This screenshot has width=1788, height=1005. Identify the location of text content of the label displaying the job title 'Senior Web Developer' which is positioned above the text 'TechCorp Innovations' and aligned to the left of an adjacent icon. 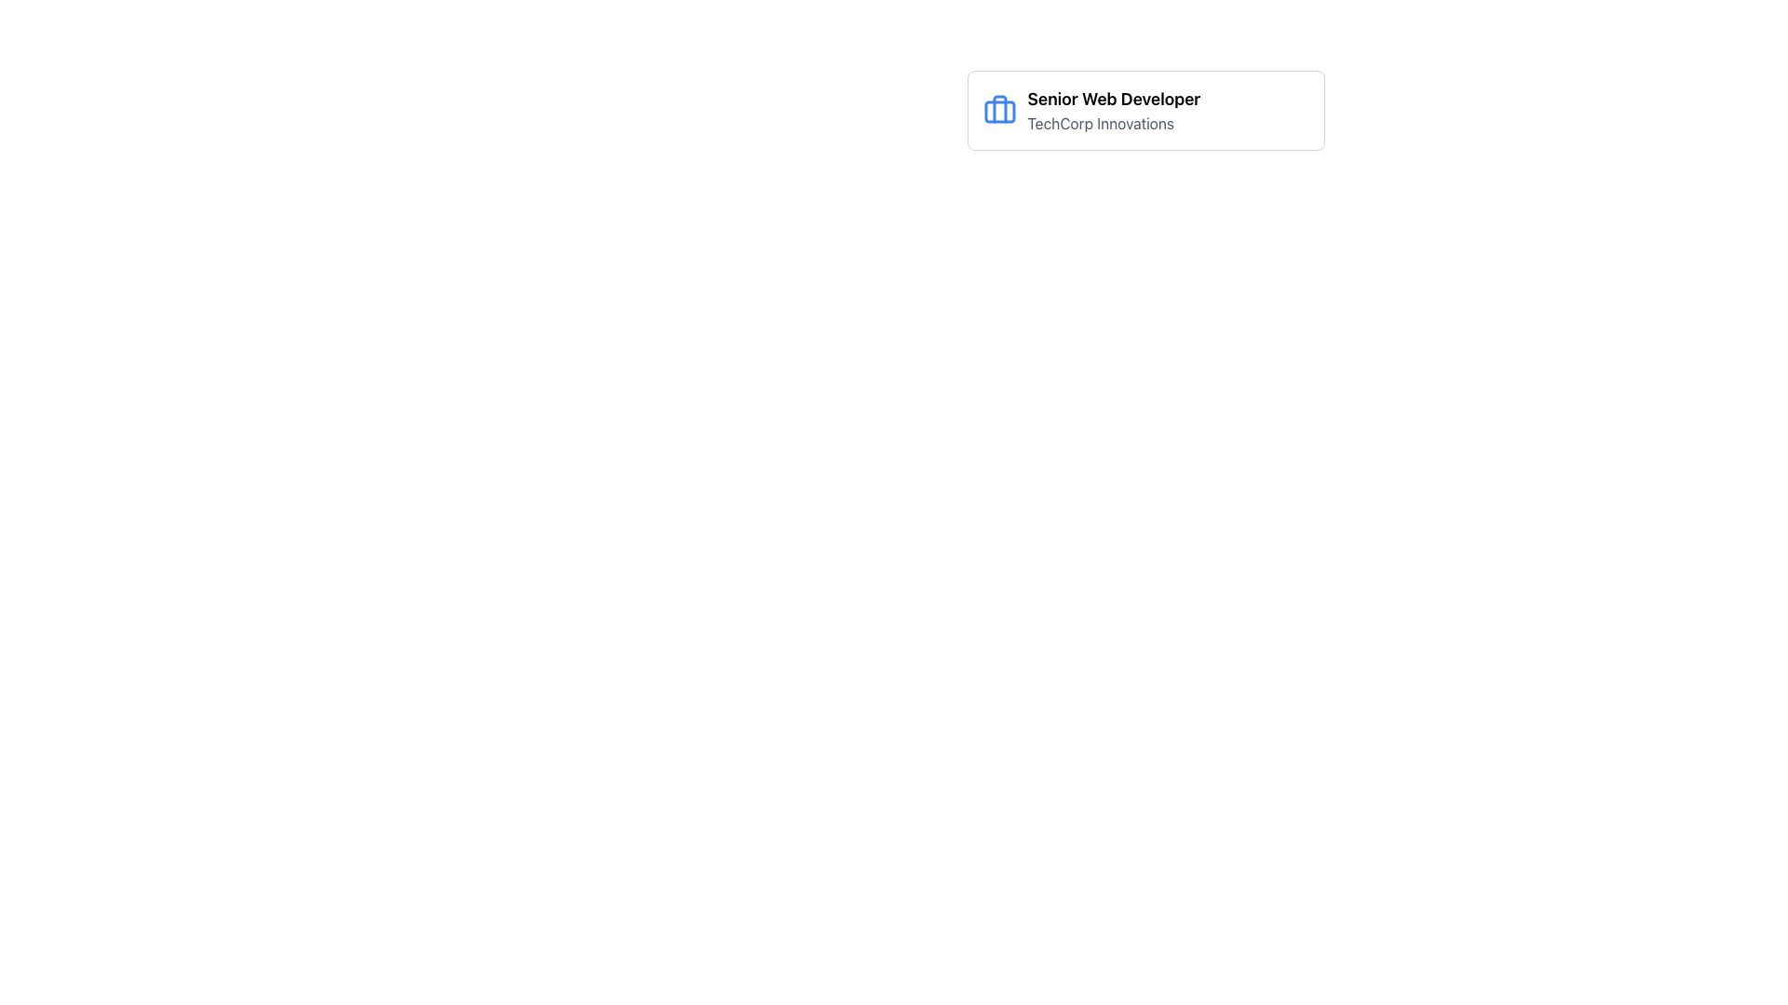
(1114, 100).